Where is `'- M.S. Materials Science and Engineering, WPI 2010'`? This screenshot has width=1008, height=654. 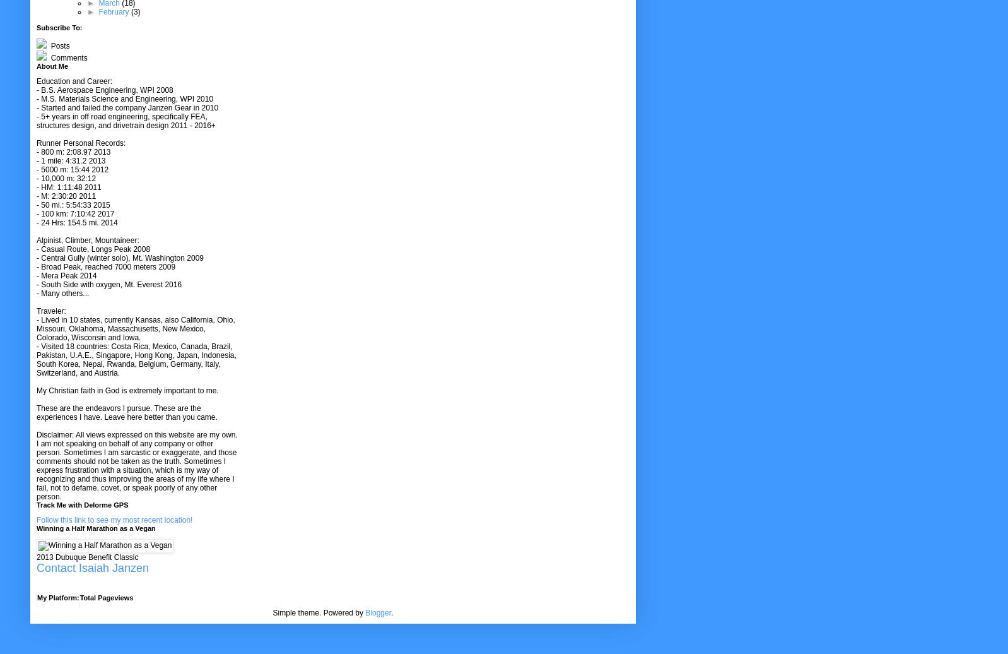
'- M.S. Materials Science and Engineering, WPI 2010' is located at coordinates (124, 98).